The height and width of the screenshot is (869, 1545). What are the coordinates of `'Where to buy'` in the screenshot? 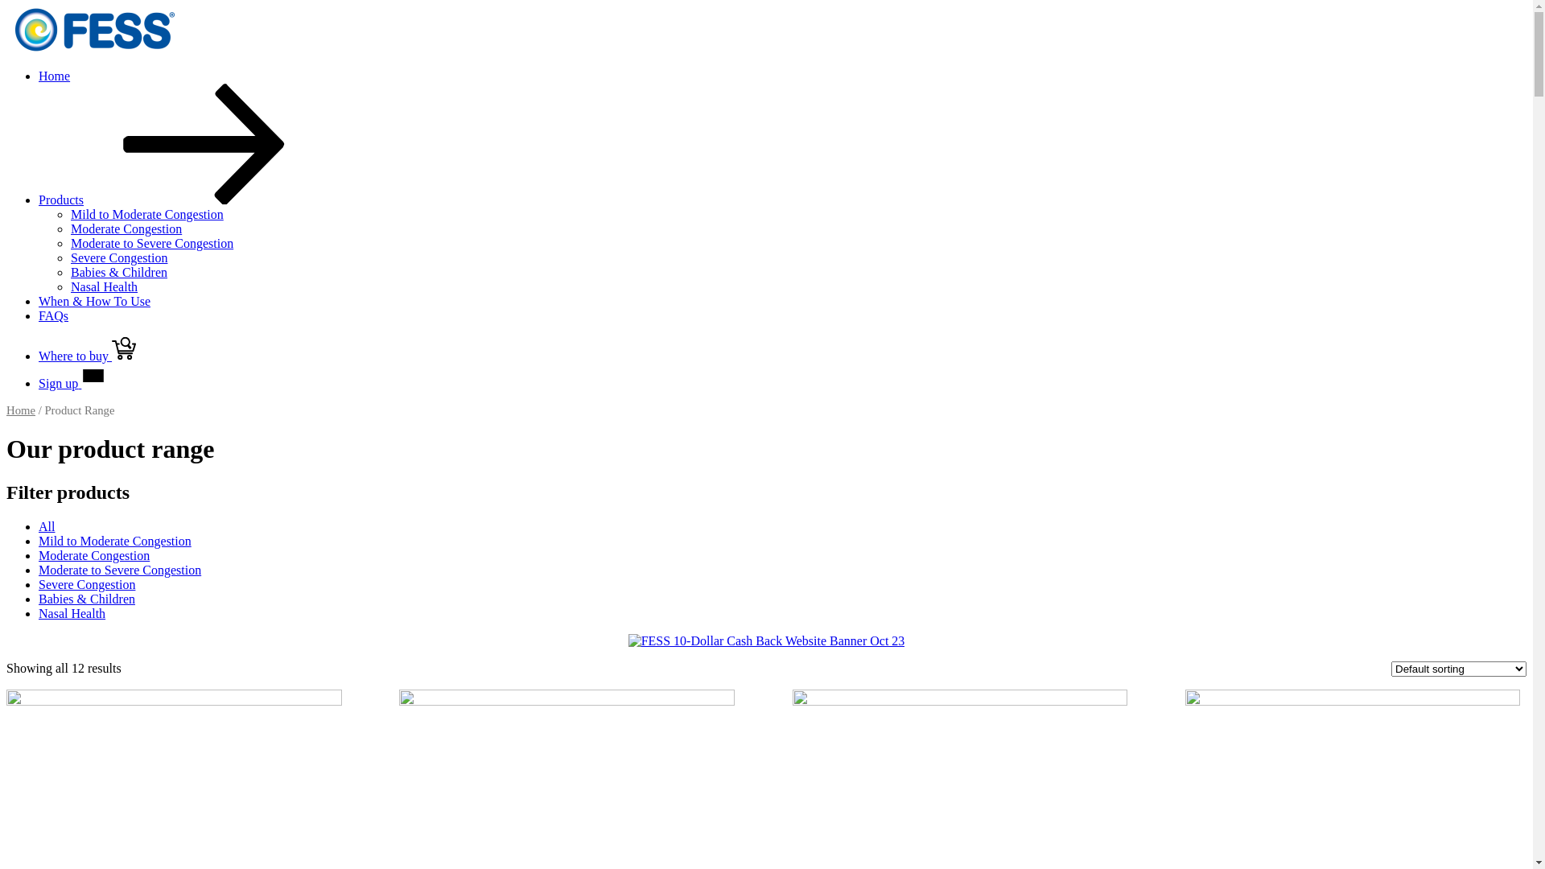 It's located at (86, 355).